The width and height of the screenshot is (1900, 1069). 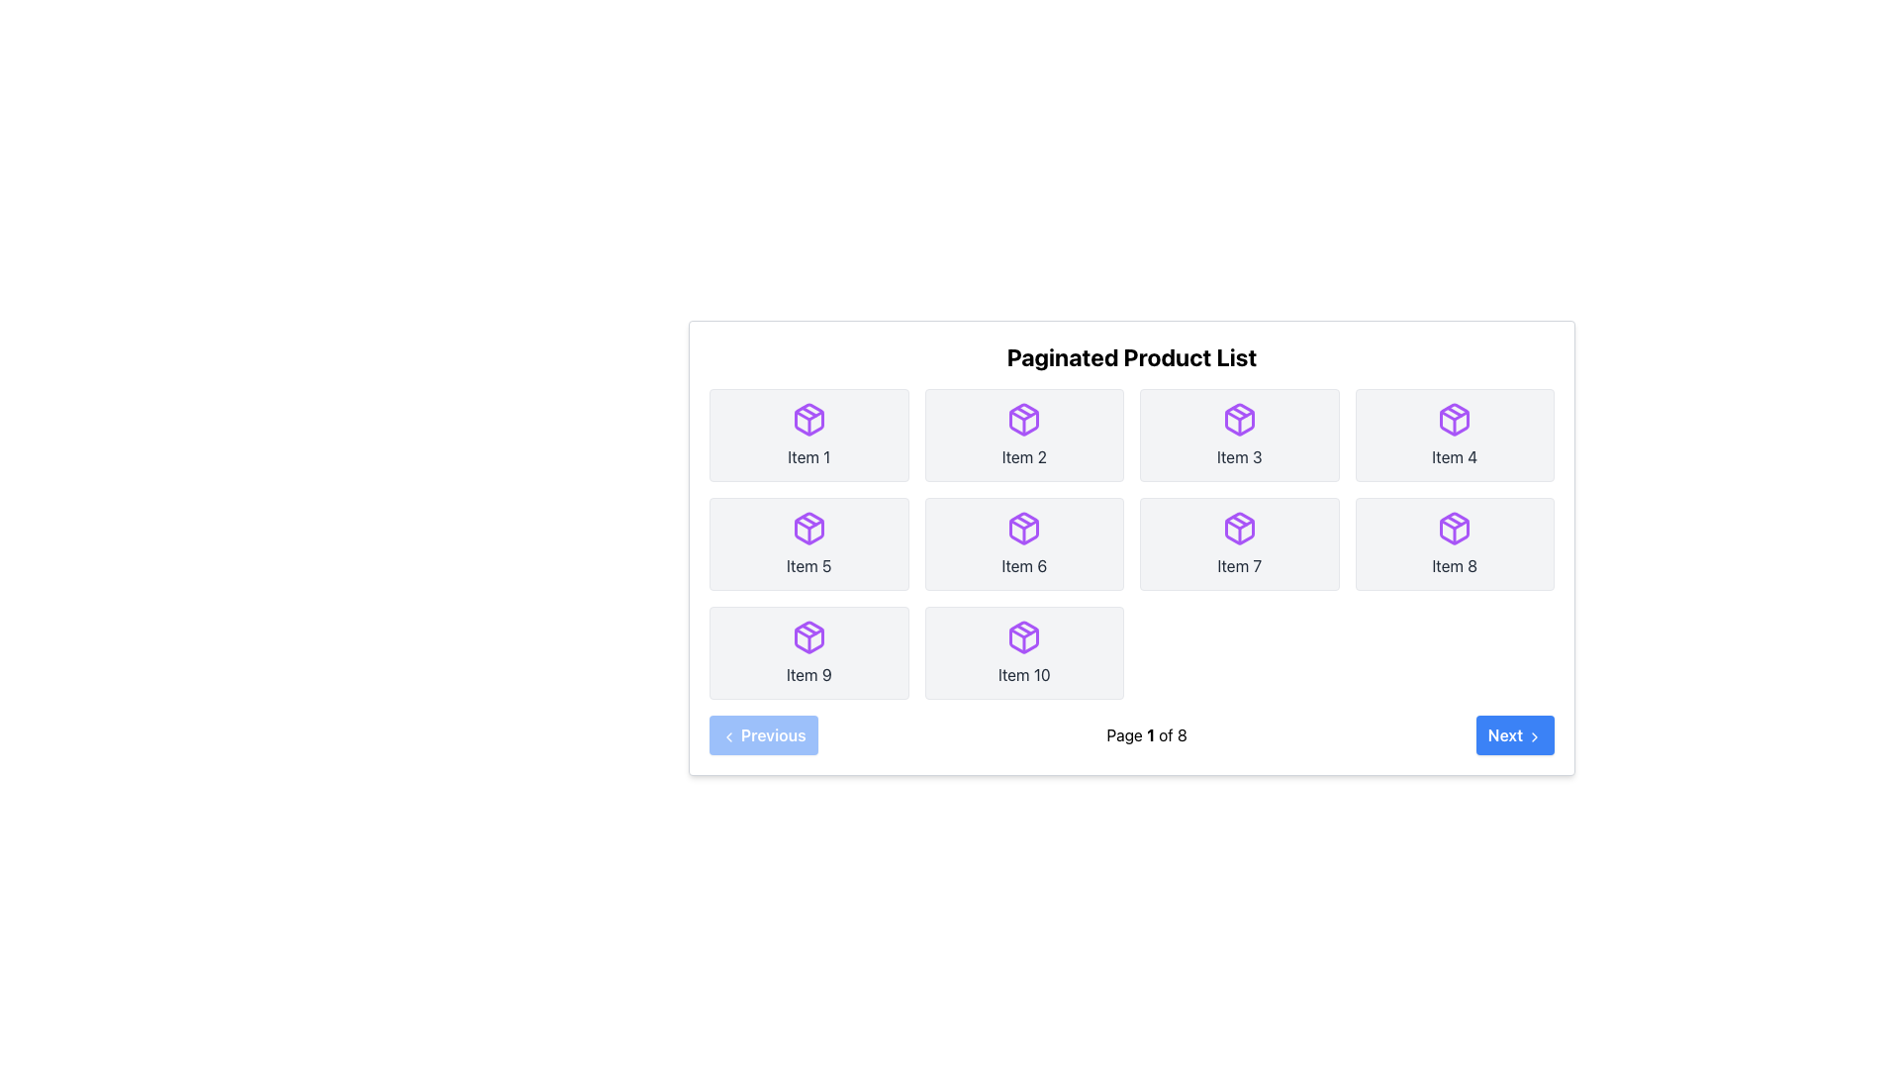 What do you see at coordinates (1024, 637) in the screenshot?
I see `the SVG Icon representing 'Item 10' located in the second row, fourth column of the product grid` at bounding box center [1024, 637].